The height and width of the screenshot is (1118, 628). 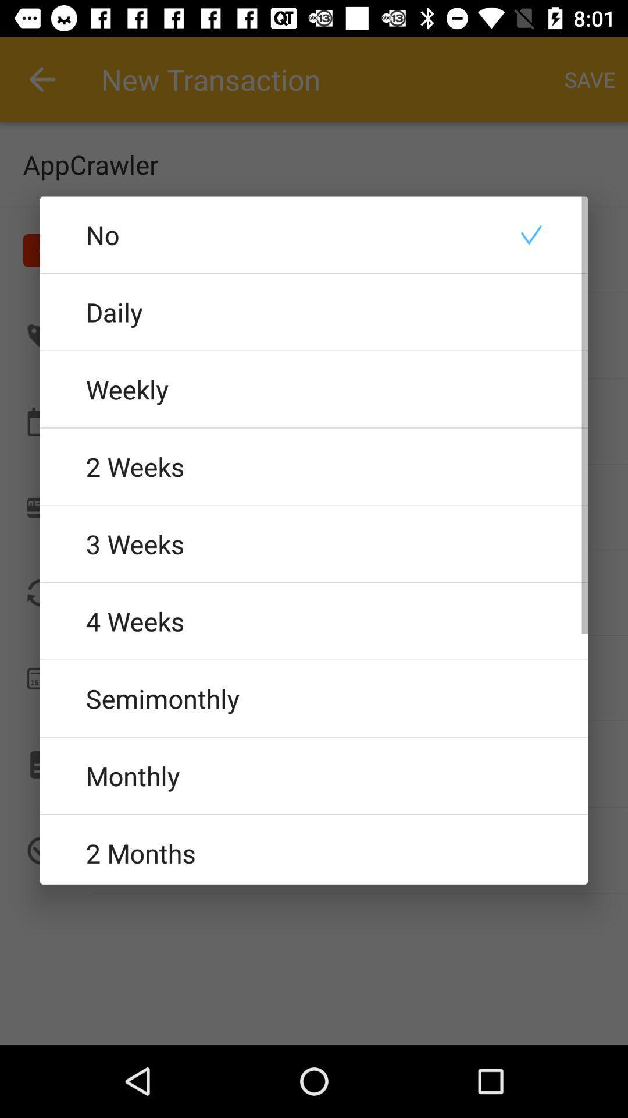 What do you see at coordinates (314, 312) in the screenshot?
I see `the daily icon` at bounding box center [314, 312].